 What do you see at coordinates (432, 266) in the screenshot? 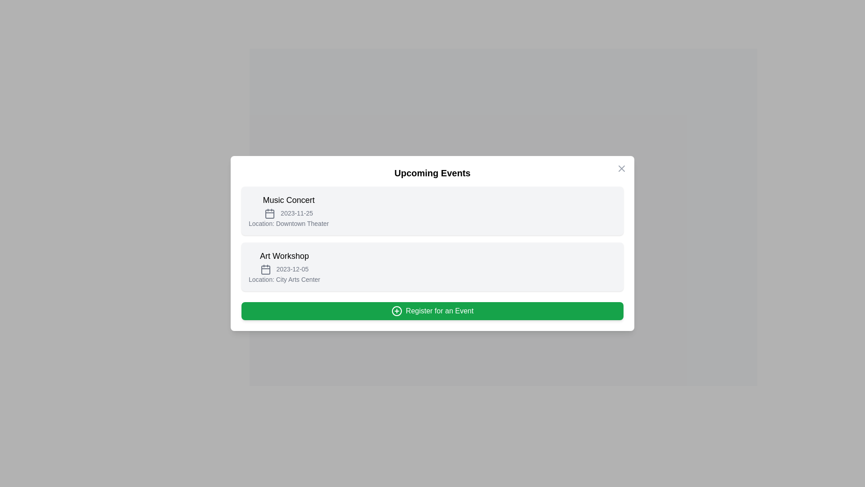
I see `the Event Card titled 'Art Workshop', which is the second item in the vertical list of events, located below the 'Music Concert' card` at bounding box center [432, 266].